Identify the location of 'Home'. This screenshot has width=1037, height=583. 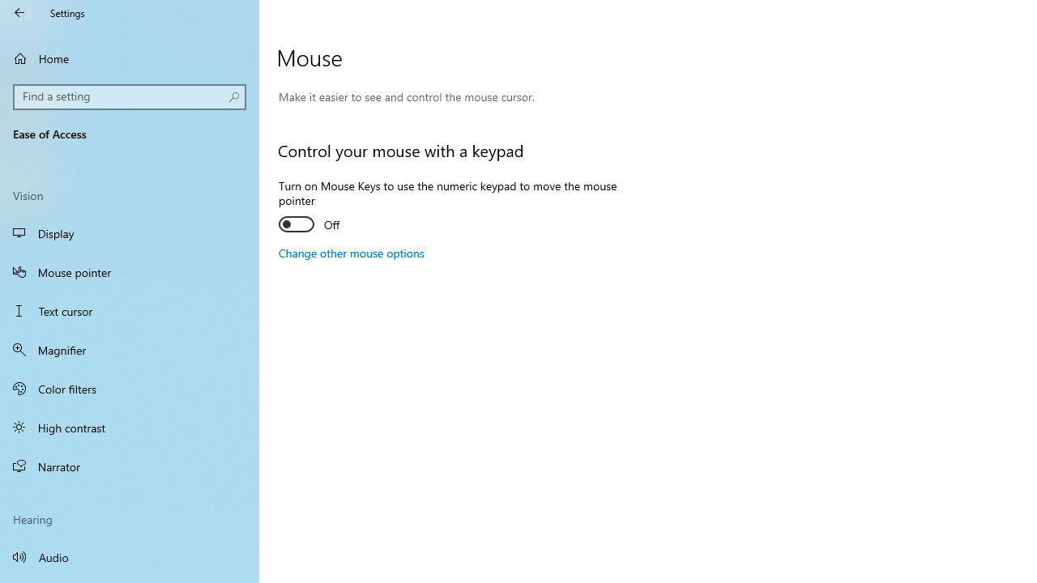
(130, 57).